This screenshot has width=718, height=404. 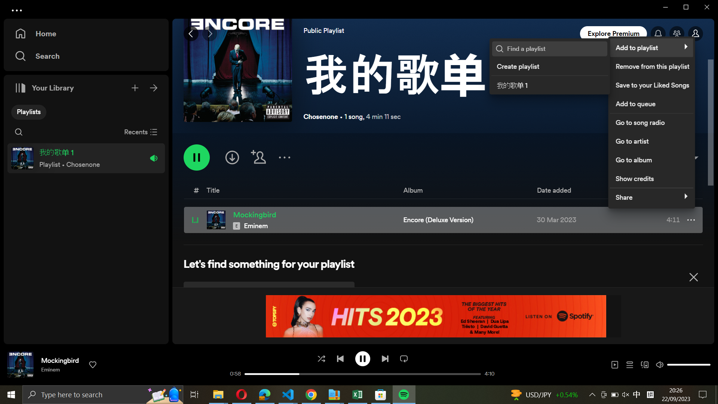 I want to click on a chosen artist"s section, so click(x=651, y=140).